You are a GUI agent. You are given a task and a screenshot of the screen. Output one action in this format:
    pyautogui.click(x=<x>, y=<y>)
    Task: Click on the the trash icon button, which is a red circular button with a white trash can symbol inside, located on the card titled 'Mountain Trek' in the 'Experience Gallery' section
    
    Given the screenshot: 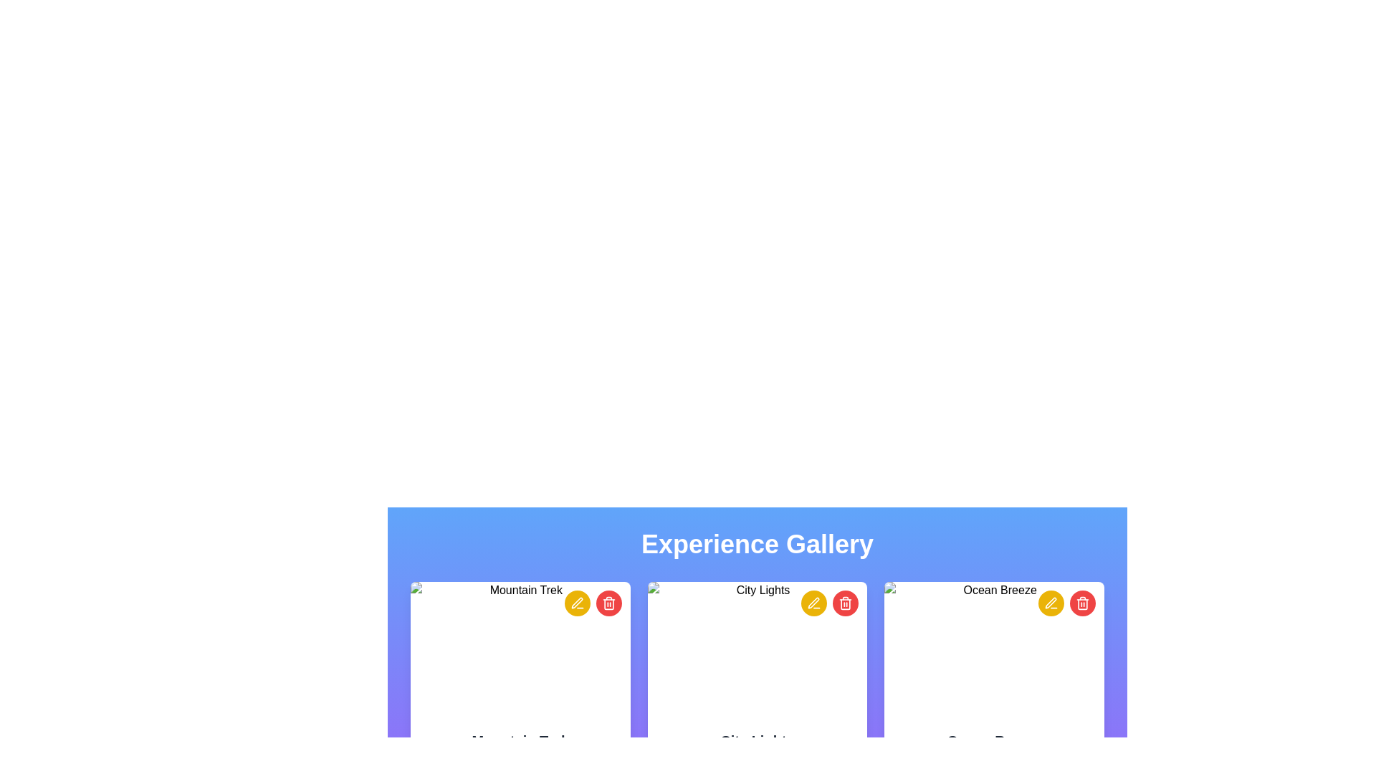 What is the action you would take?
    pyautogui.click(x=608, y=603)
    